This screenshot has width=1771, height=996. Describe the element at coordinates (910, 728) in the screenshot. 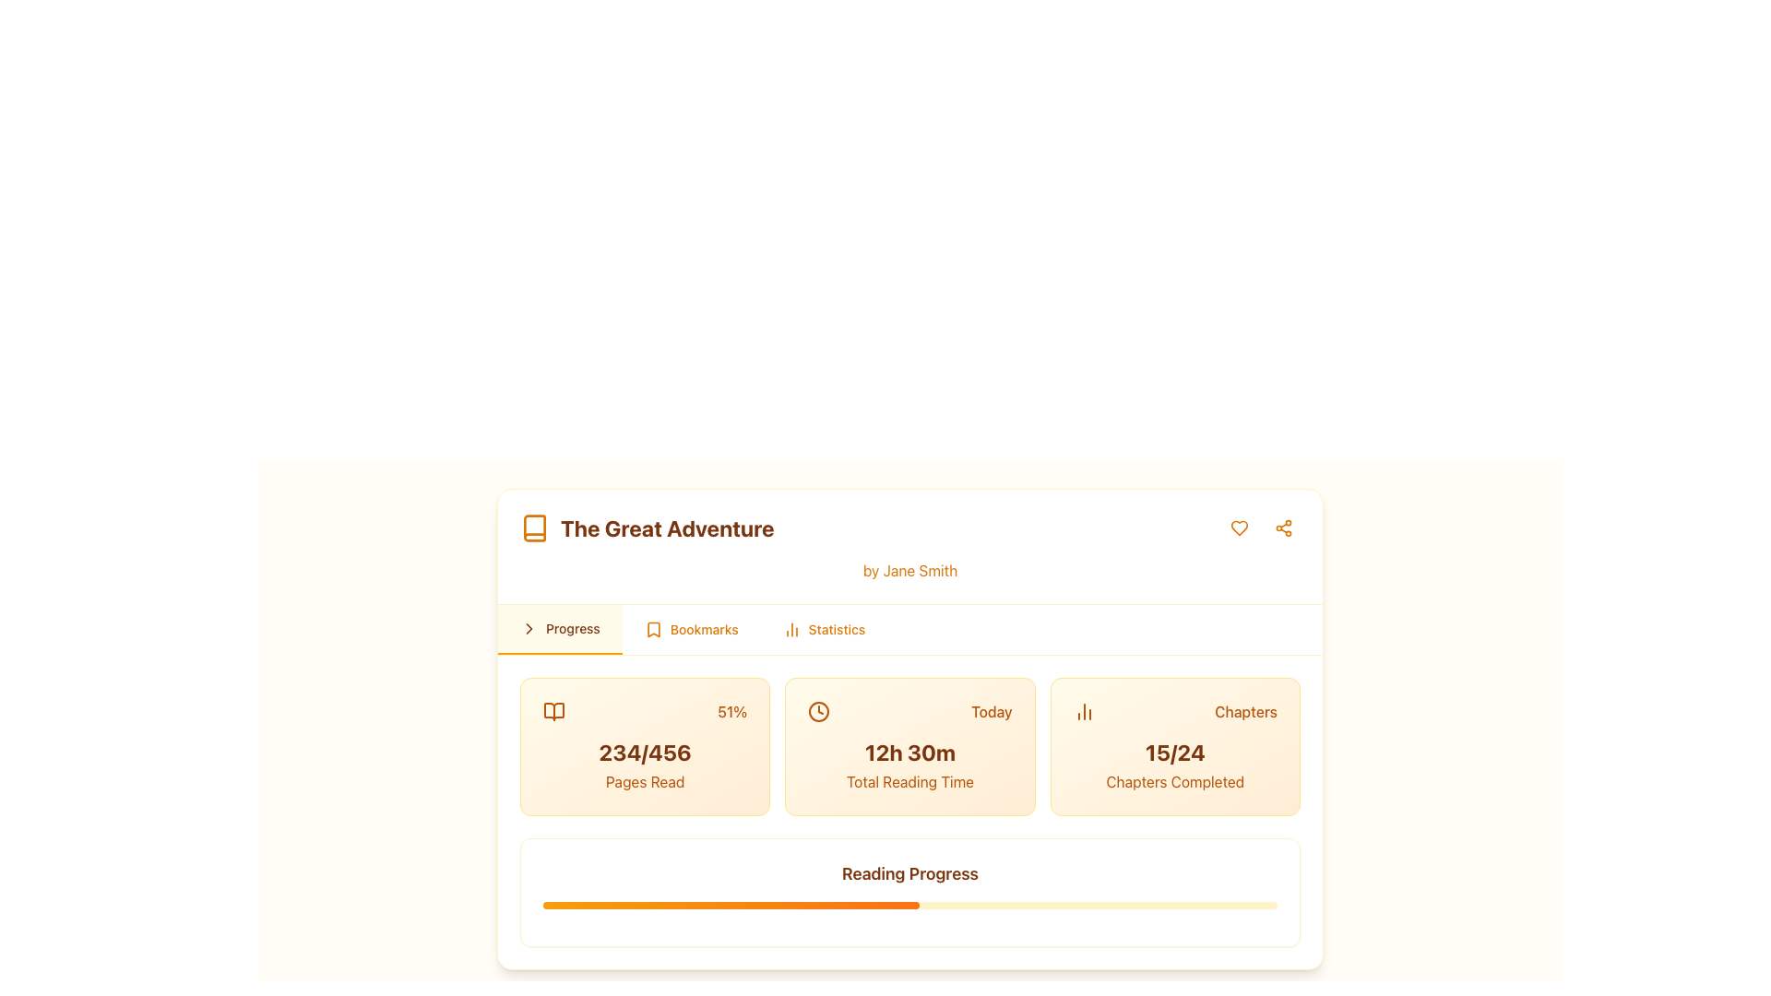

I see `the tabs in the card component displaying information about 'The Great Adventure' by Jane Smith` at that location.